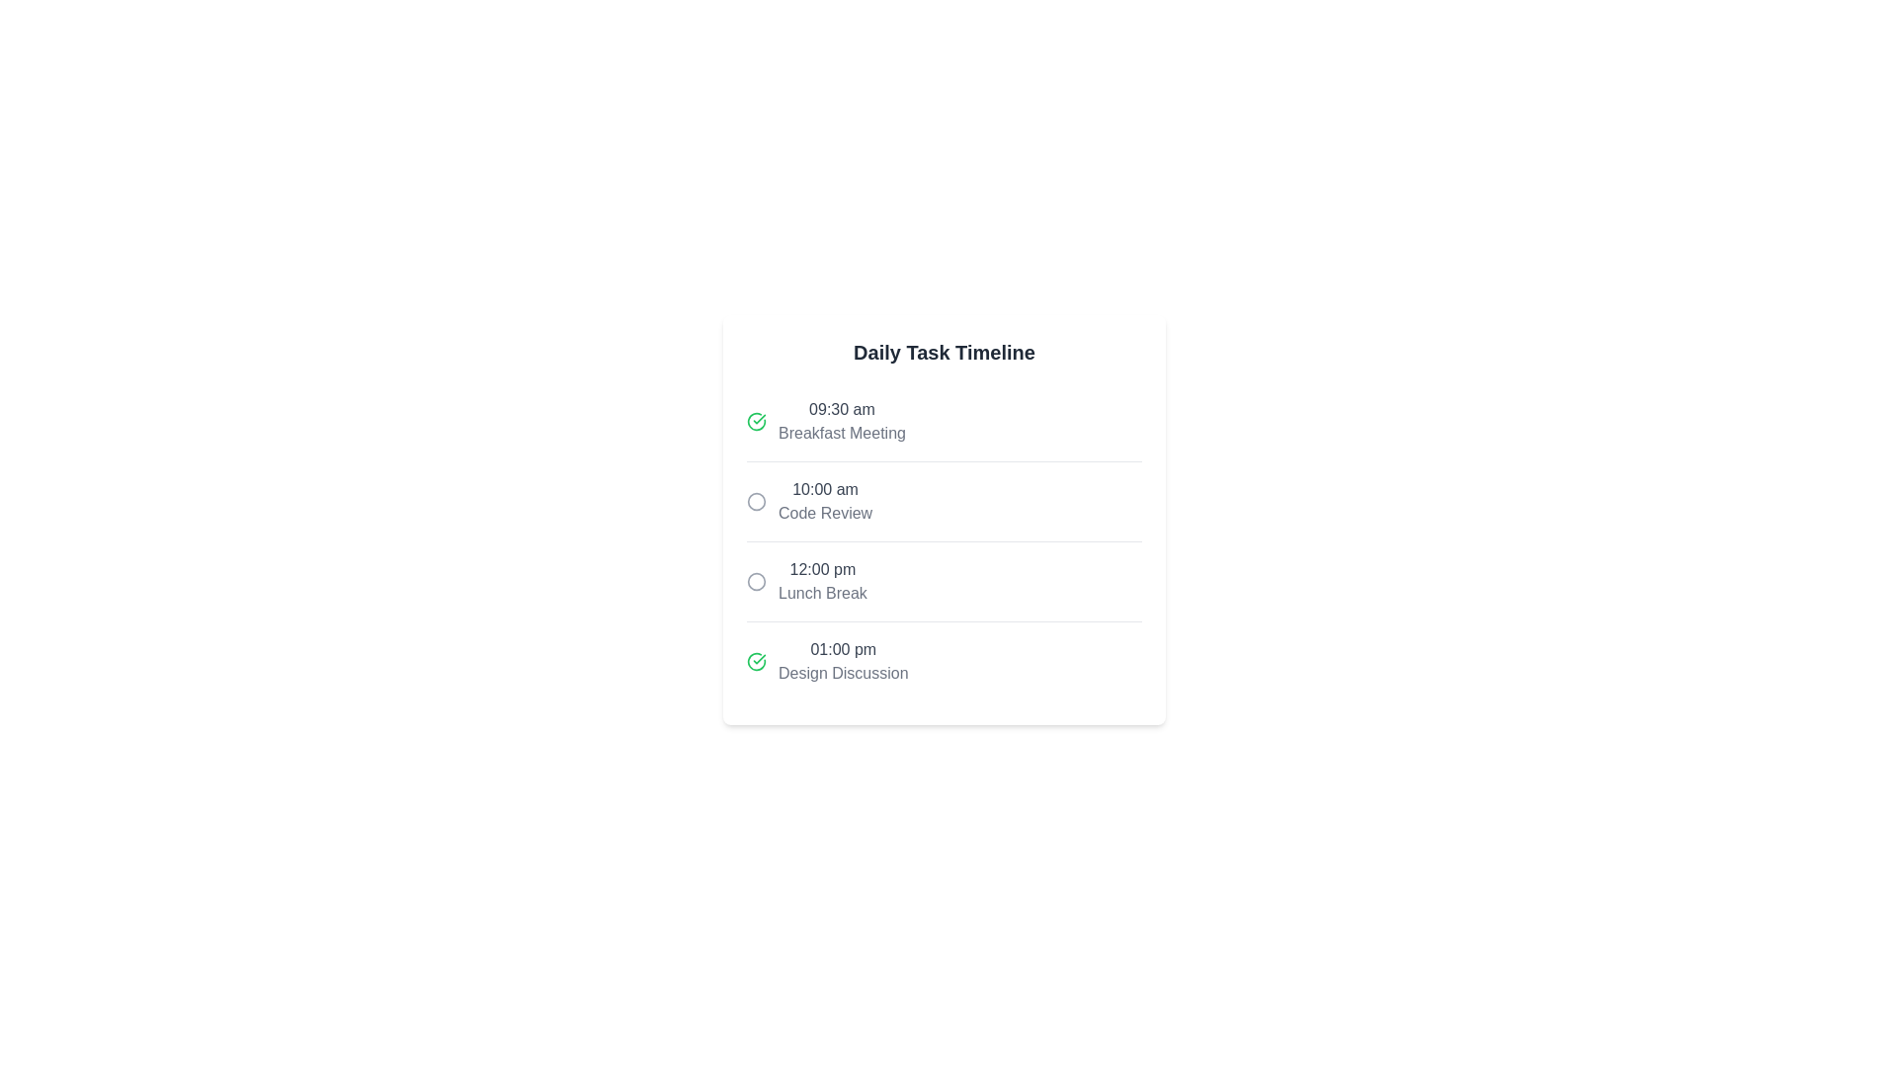 The width and height of the screenshot is (1897, 1067). Describe the element at coordinates (825, 513) in the screenshot. I see `the static text label displaying 'Code Review' located beneath the time indicator '10:00 am' in the timeline interface` at that location.